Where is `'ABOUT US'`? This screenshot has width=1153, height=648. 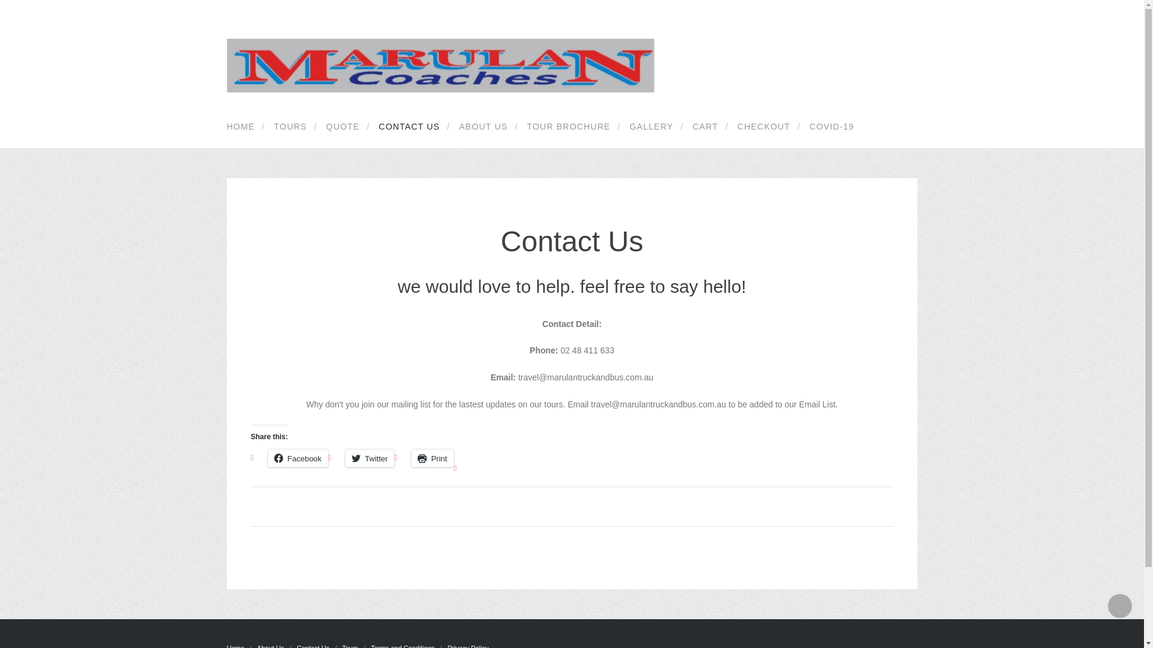
'ABOUT US' is located at coordinates (481, 127).